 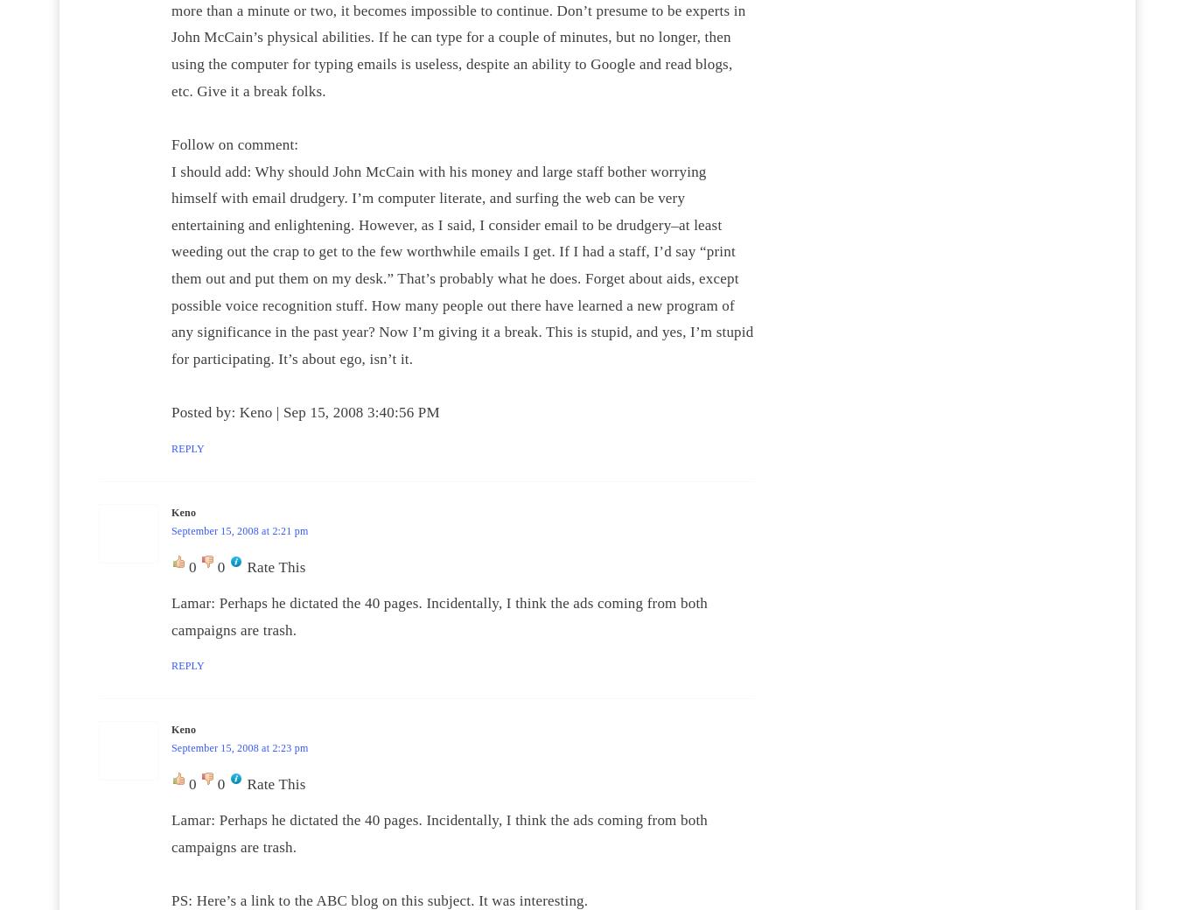 I want to click on 'September 15, 2008 at 2:21 pm', so click(x=240, y=530).